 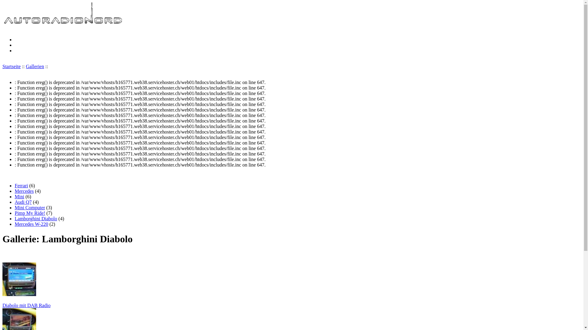 I want to click on 'Startseite', so click(x=12, y=66).